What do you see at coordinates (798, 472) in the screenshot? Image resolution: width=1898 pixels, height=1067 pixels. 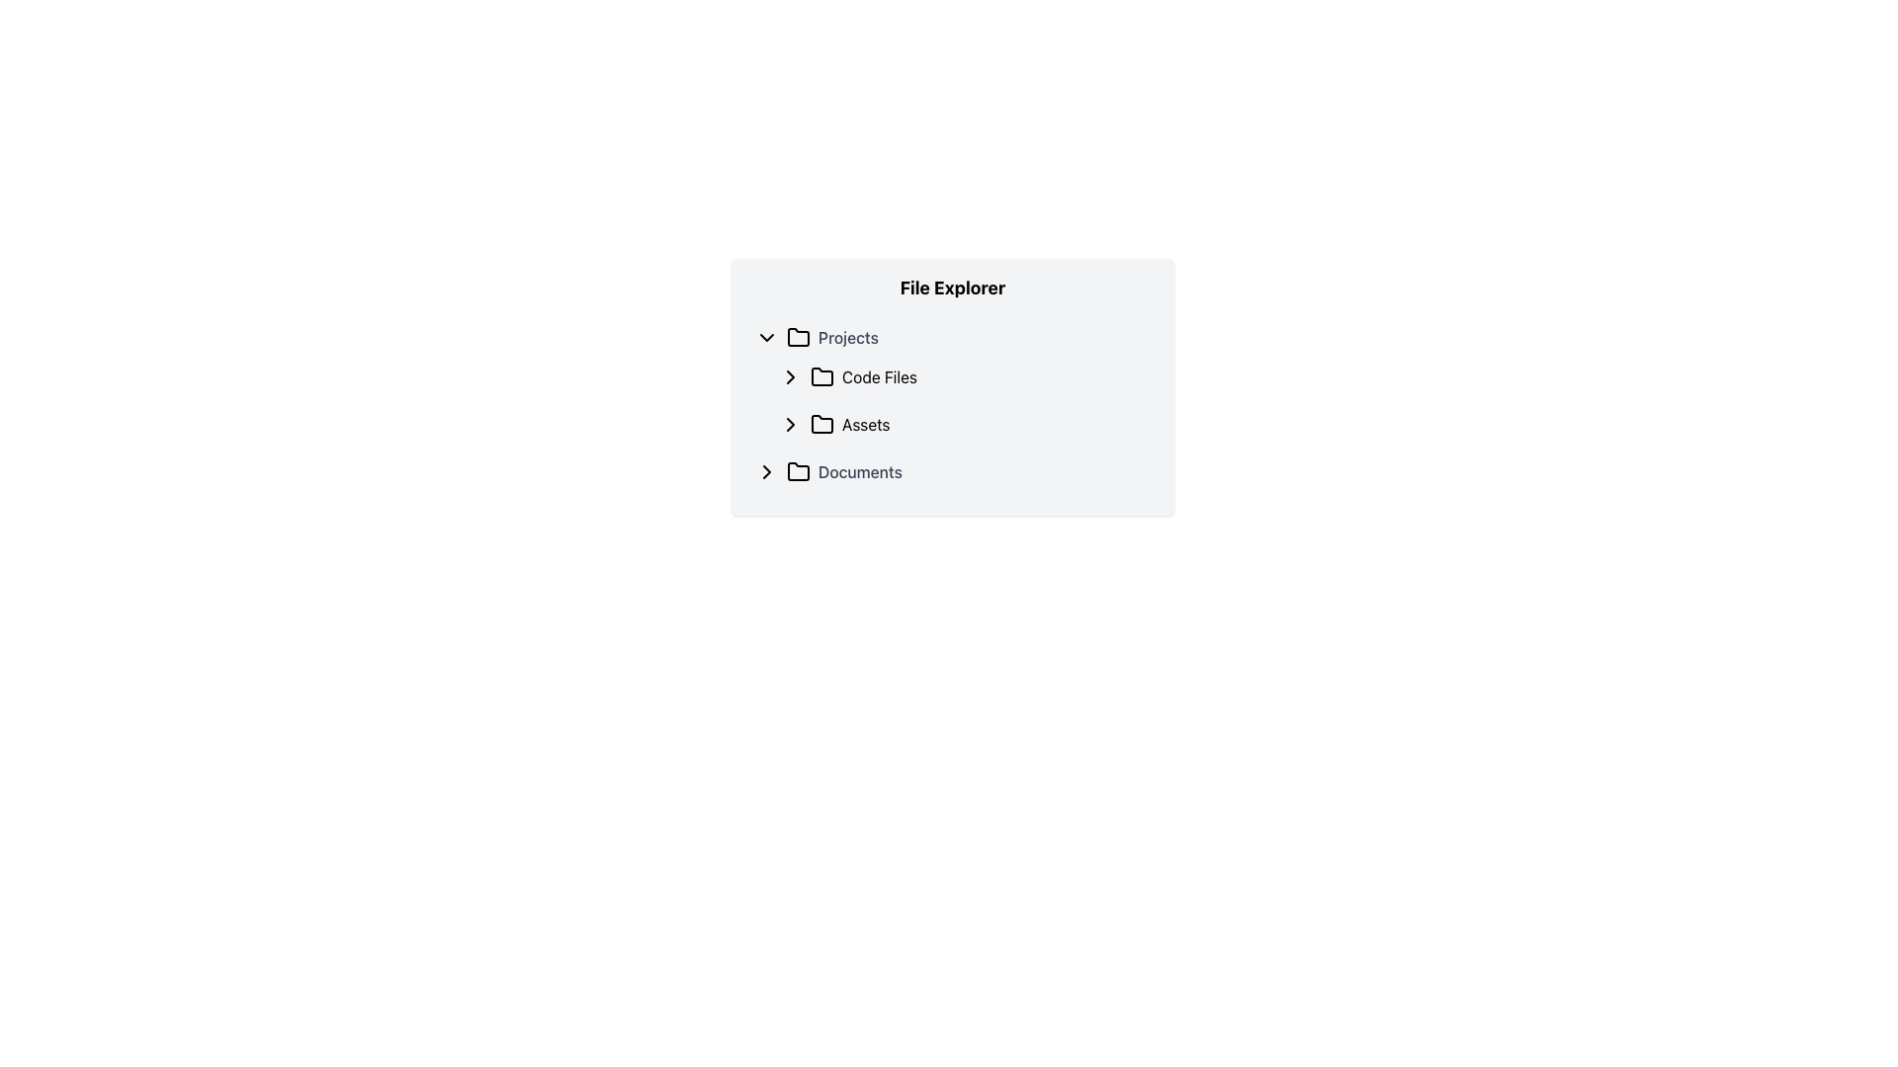 I see `the folder icon located in the fourth row of the File Explorer, positioned to the left of the text label 'Documents'` at bounding box center [798, 472].